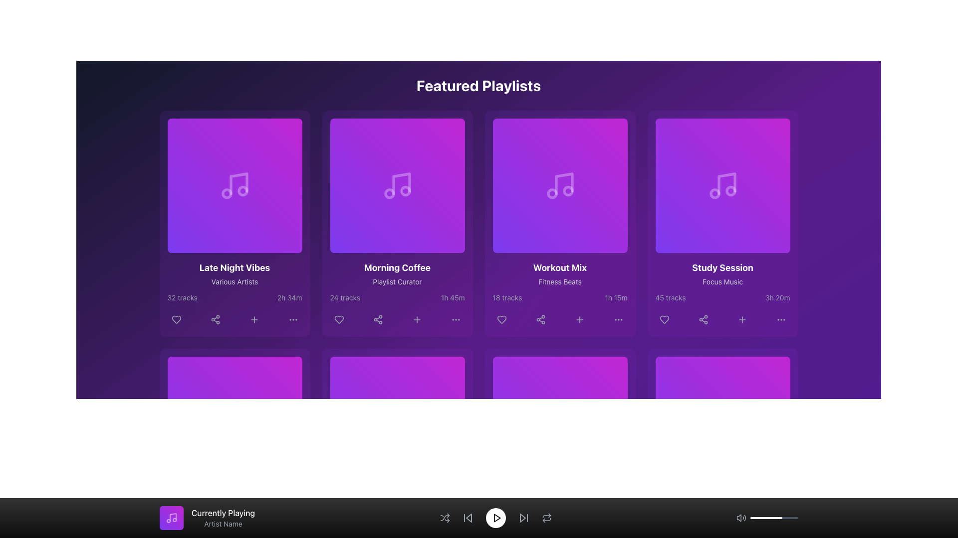 This screenshot has width=958, height=538. What do you see at coordinates (714, 194) in the screenshot?
I see `small circular graphical item located at the bottom-left section of the music note SVG icon associated with the 'Study Session' card in the Featured Playlists section` at bounding box center [714, 194].